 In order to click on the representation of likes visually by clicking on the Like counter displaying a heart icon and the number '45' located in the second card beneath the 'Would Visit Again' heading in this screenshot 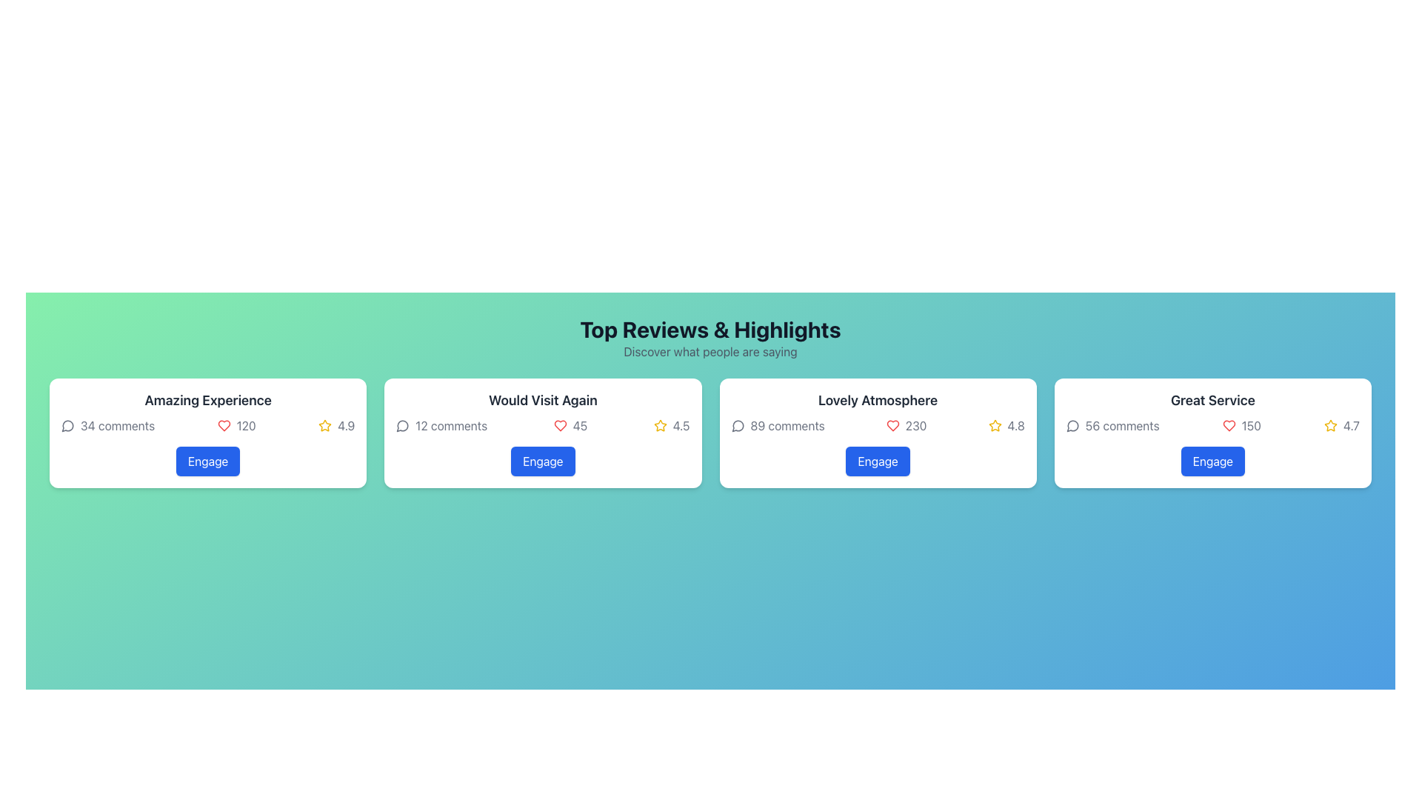, I will do `click(570, 425)`.